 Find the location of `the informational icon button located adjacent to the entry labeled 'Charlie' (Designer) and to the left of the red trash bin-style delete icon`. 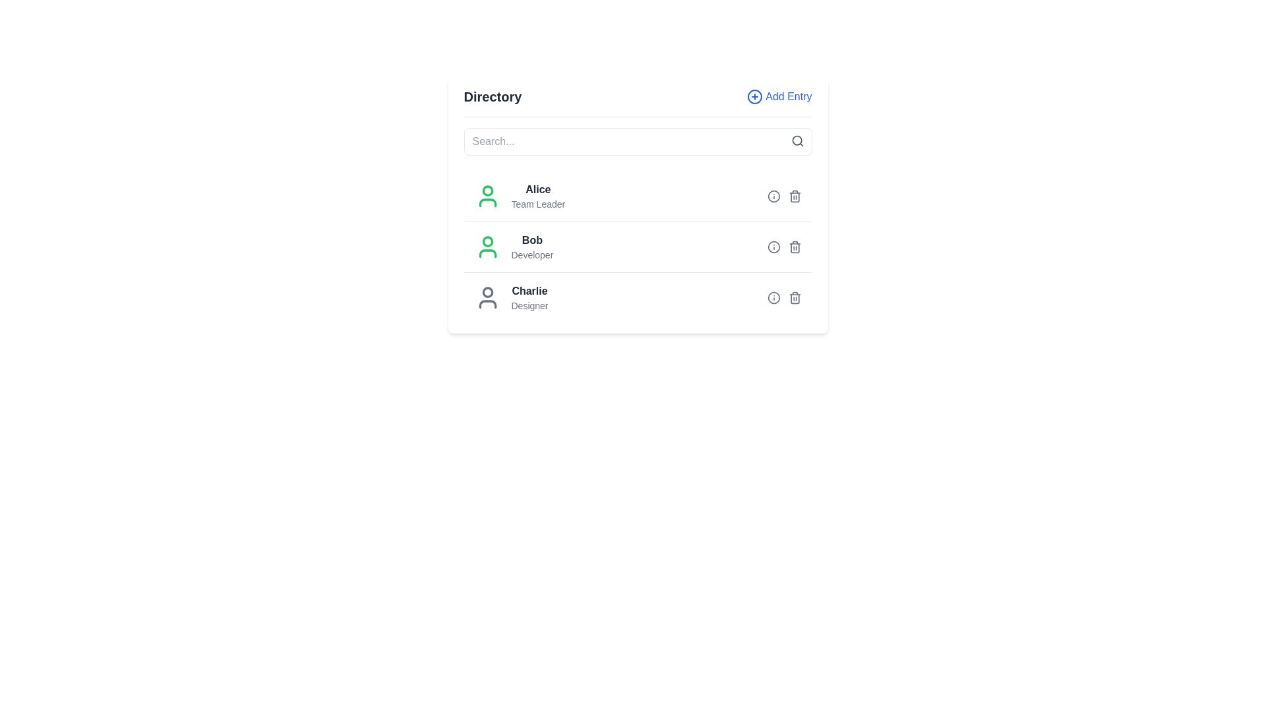

the informational icon button located adjacent to the entry labeled 'Charlie' (Designer) and to the left of the red trash bin-style delete icon is located at coordinates (773, 297).